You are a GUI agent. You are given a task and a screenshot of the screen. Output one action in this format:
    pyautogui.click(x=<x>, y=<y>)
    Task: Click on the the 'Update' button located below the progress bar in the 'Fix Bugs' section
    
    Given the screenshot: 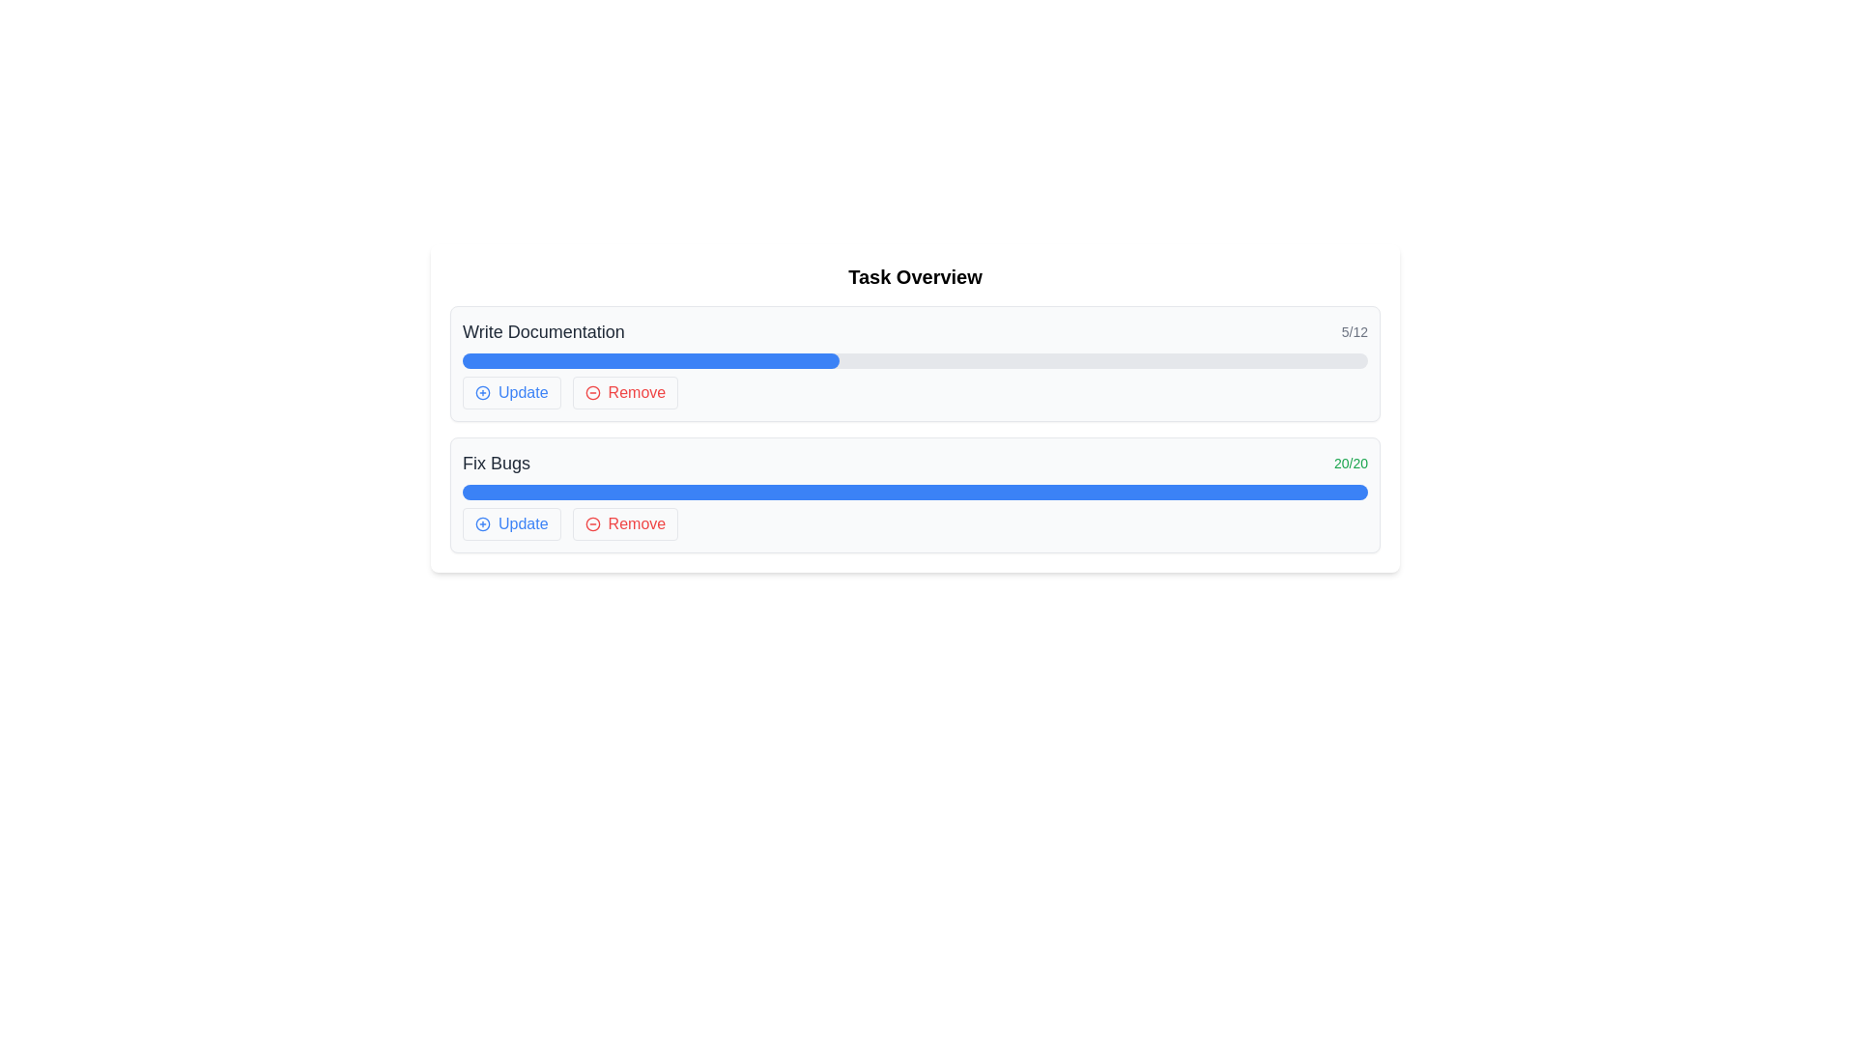 What is the action you would take?
    pyautogui.click(x=511, y=524)
    